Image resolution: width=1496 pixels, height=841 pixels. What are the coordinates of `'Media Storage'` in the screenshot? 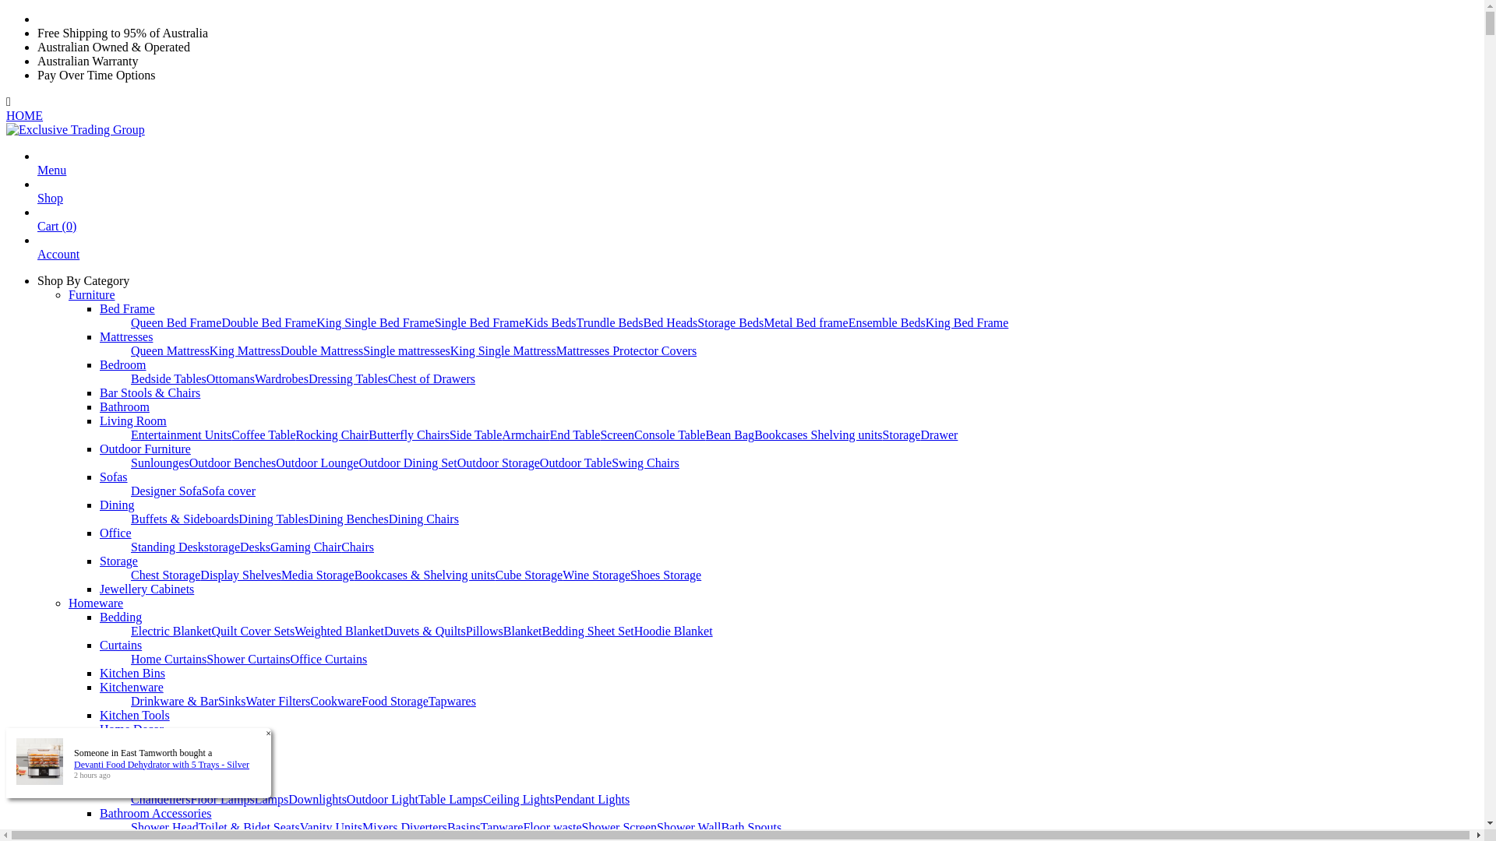 It's located at (317, 575).